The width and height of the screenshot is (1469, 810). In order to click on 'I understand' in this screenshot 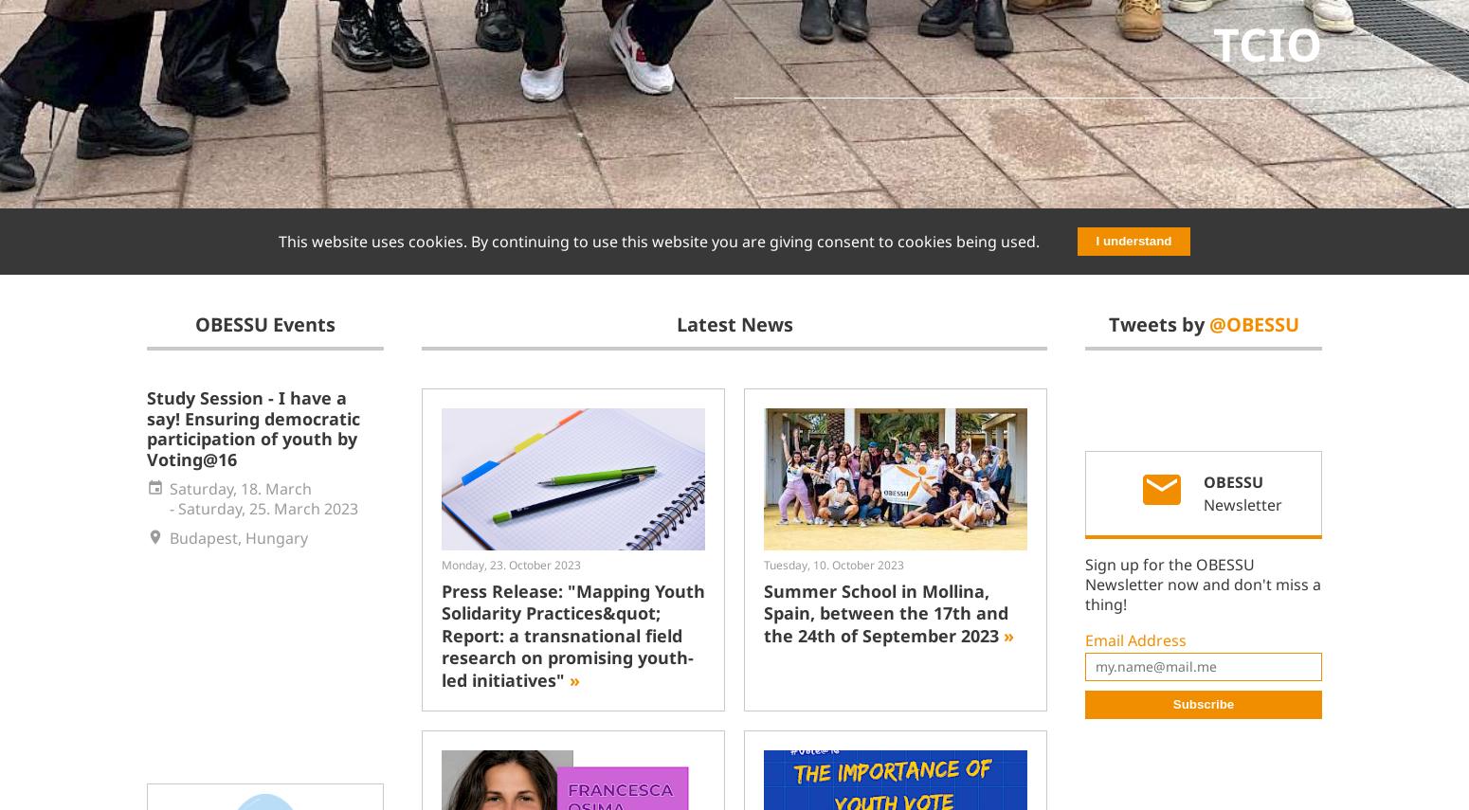, I will do `click(1133, 240)`.